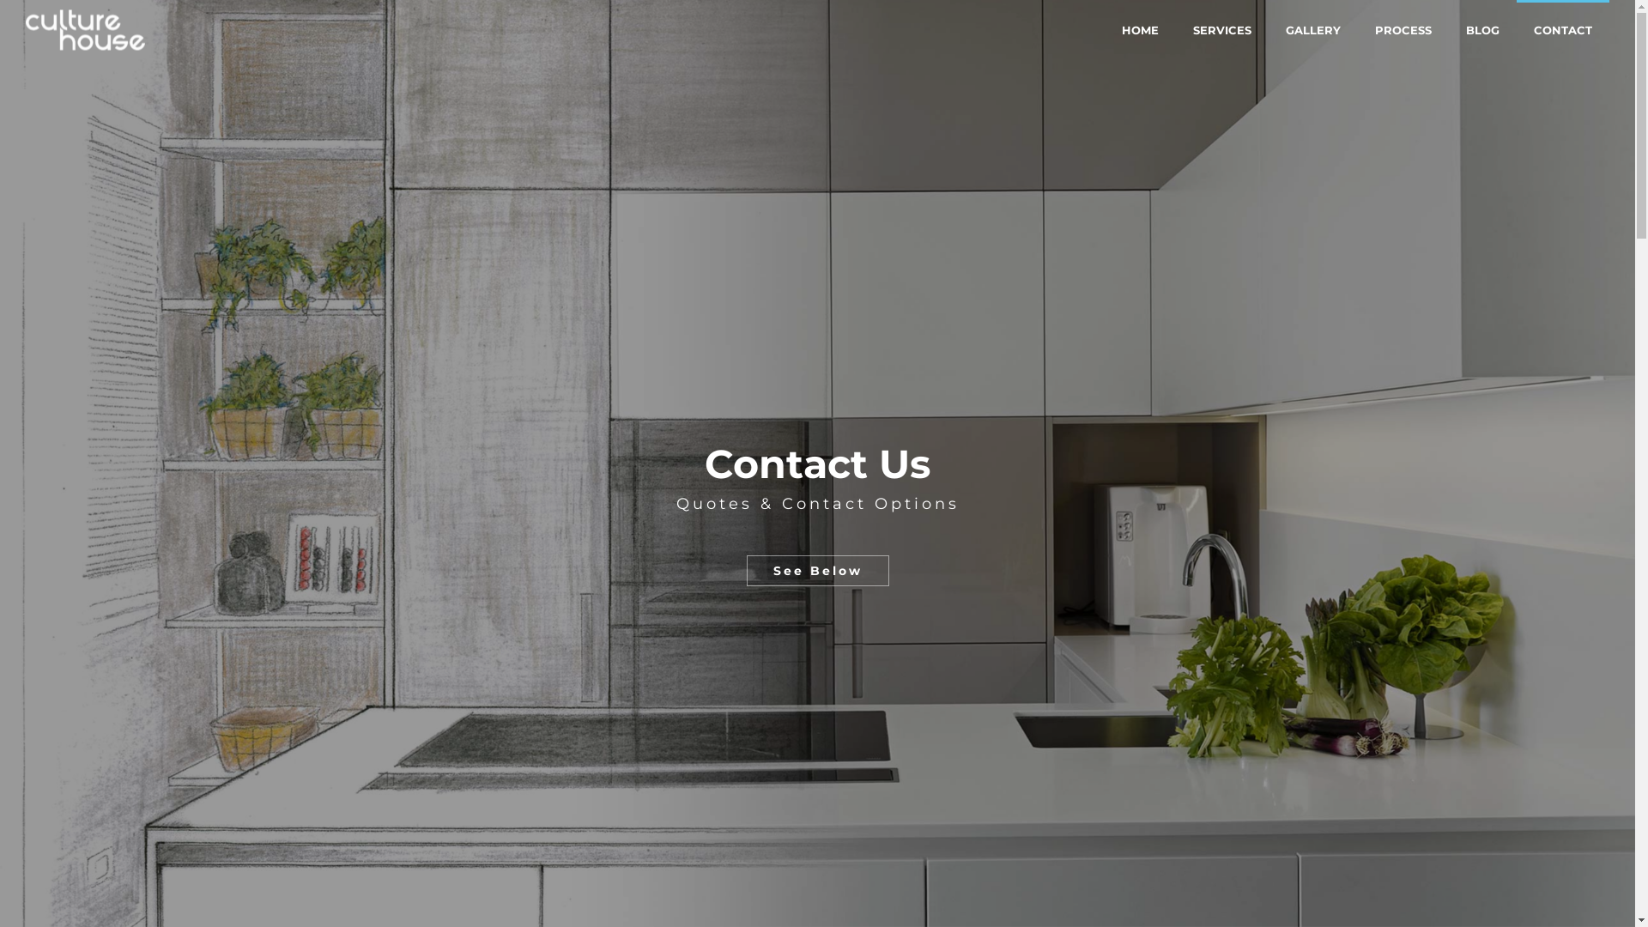 This screenshot has width=1648, height=927. I want to click on 'CONTACT', so click(1516, 29).